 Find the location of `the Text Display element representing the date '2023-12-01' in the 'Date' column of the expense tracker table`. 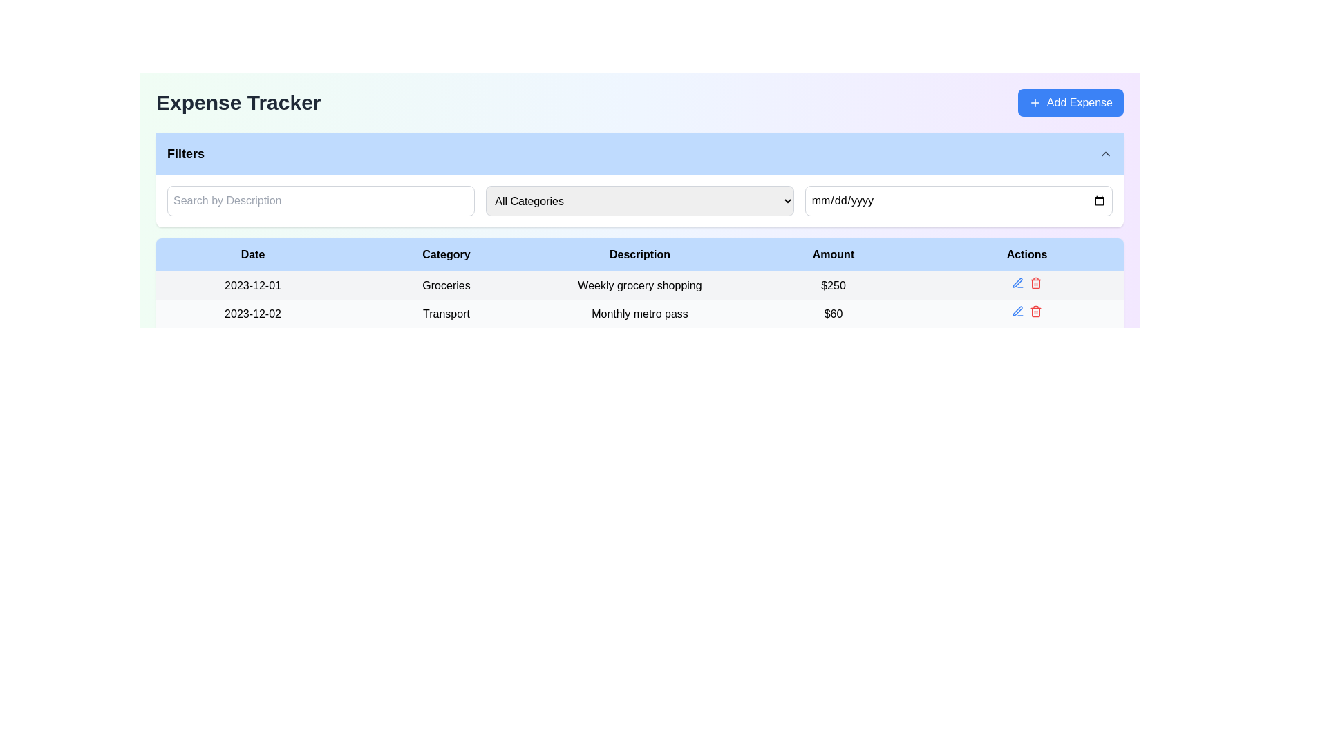

the Text Display element representing the date '2023-12-01' in the 'Date' column of the expense tracker table is located at coordinates (252, 284).